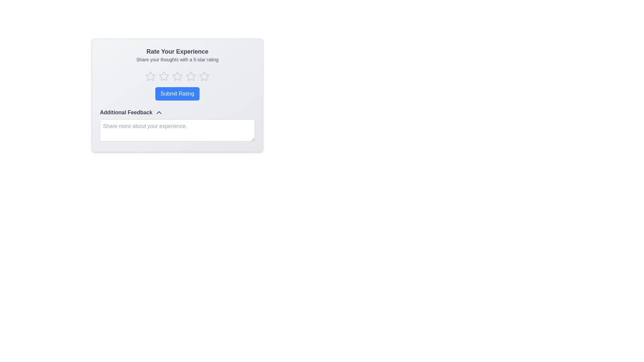 Image resolution: width=644 pixels, height=362 pixels. What do you see at coordinates (177, 126) in the screenshot?
I see `the Text input field for providing extra feedback located below the 'Submit Rating' button in the 'Rate Your Experience' section` at bounding box center [177, 126].